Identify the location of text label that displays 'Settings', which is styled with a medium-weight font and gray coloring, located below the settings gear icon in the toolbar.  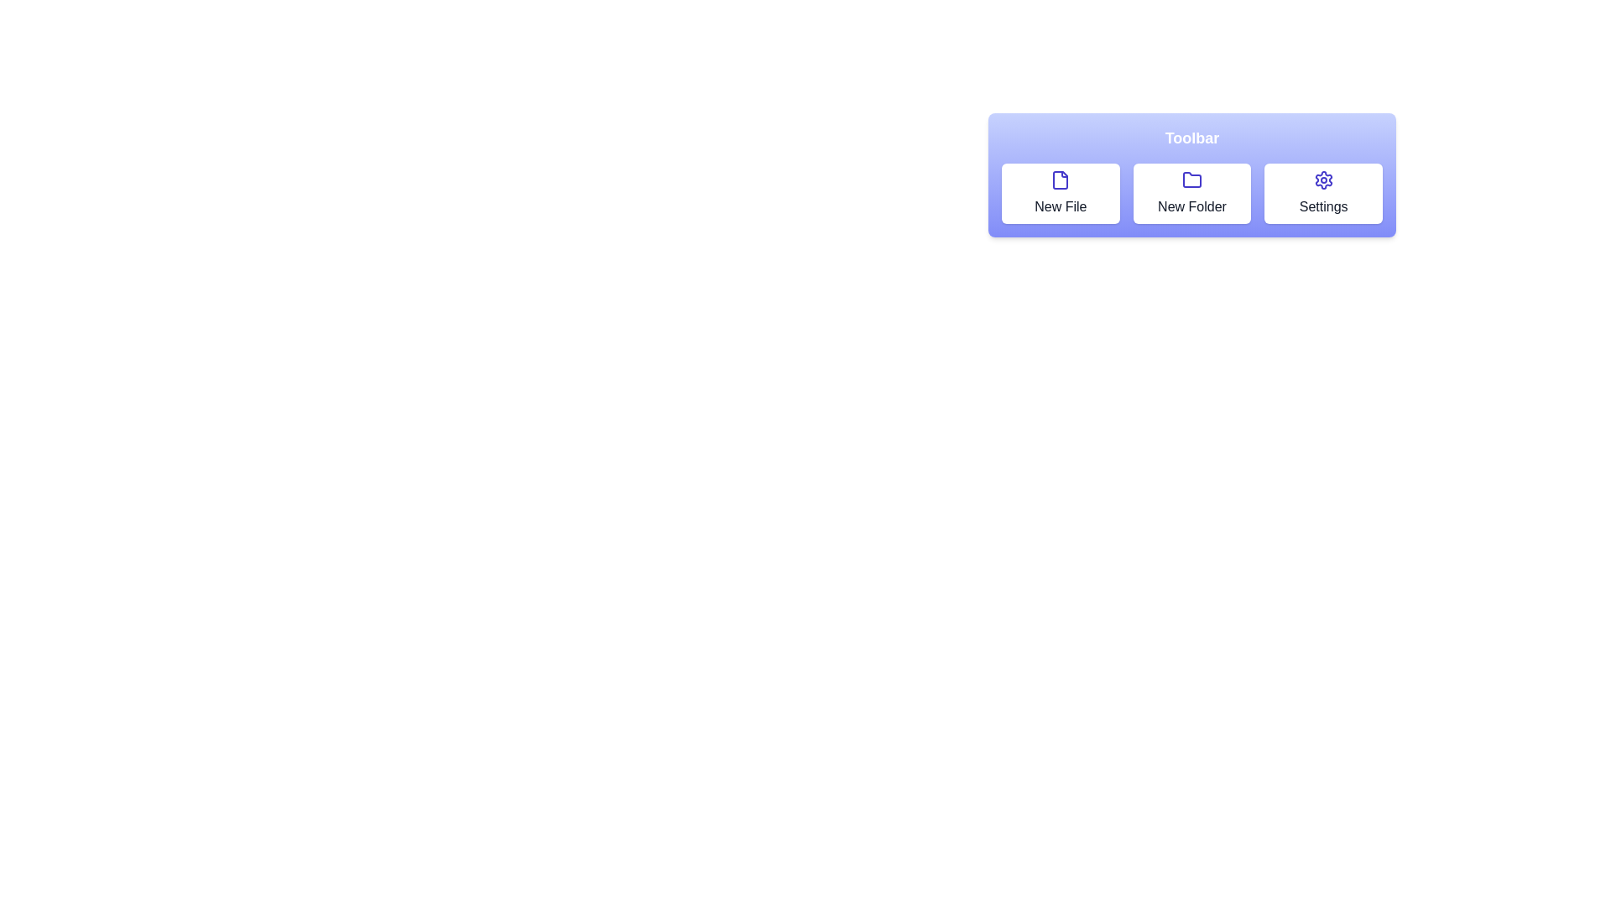
(1322, 206).